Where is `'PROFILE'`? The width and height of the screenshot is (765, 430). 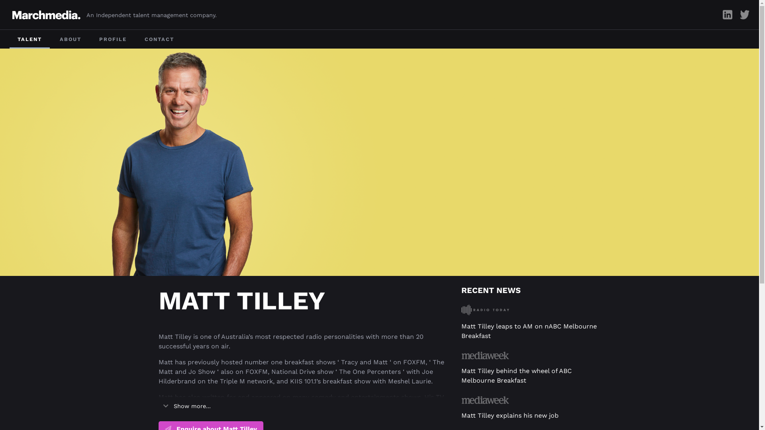
'PROFILE' is located at coordinates (112, 39).